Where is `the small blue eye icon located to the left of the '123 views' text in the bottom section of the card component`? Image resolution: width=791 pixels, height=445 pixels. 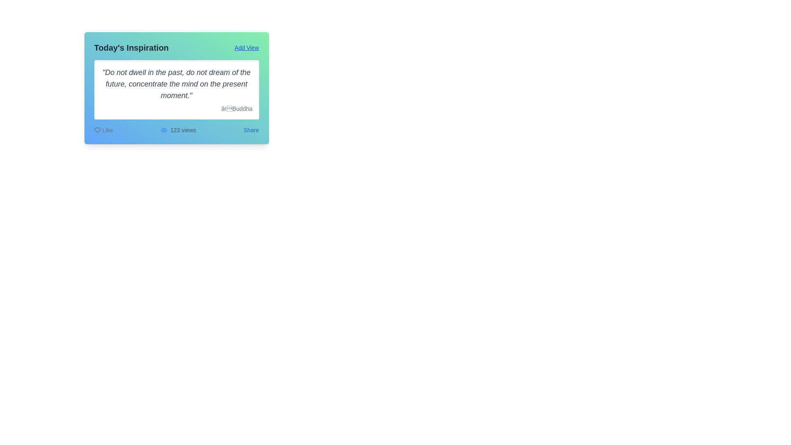 the small blue eye icon located to the left of the '123 views' text in the bottom section of the card component is located at coordinates (164, 130).